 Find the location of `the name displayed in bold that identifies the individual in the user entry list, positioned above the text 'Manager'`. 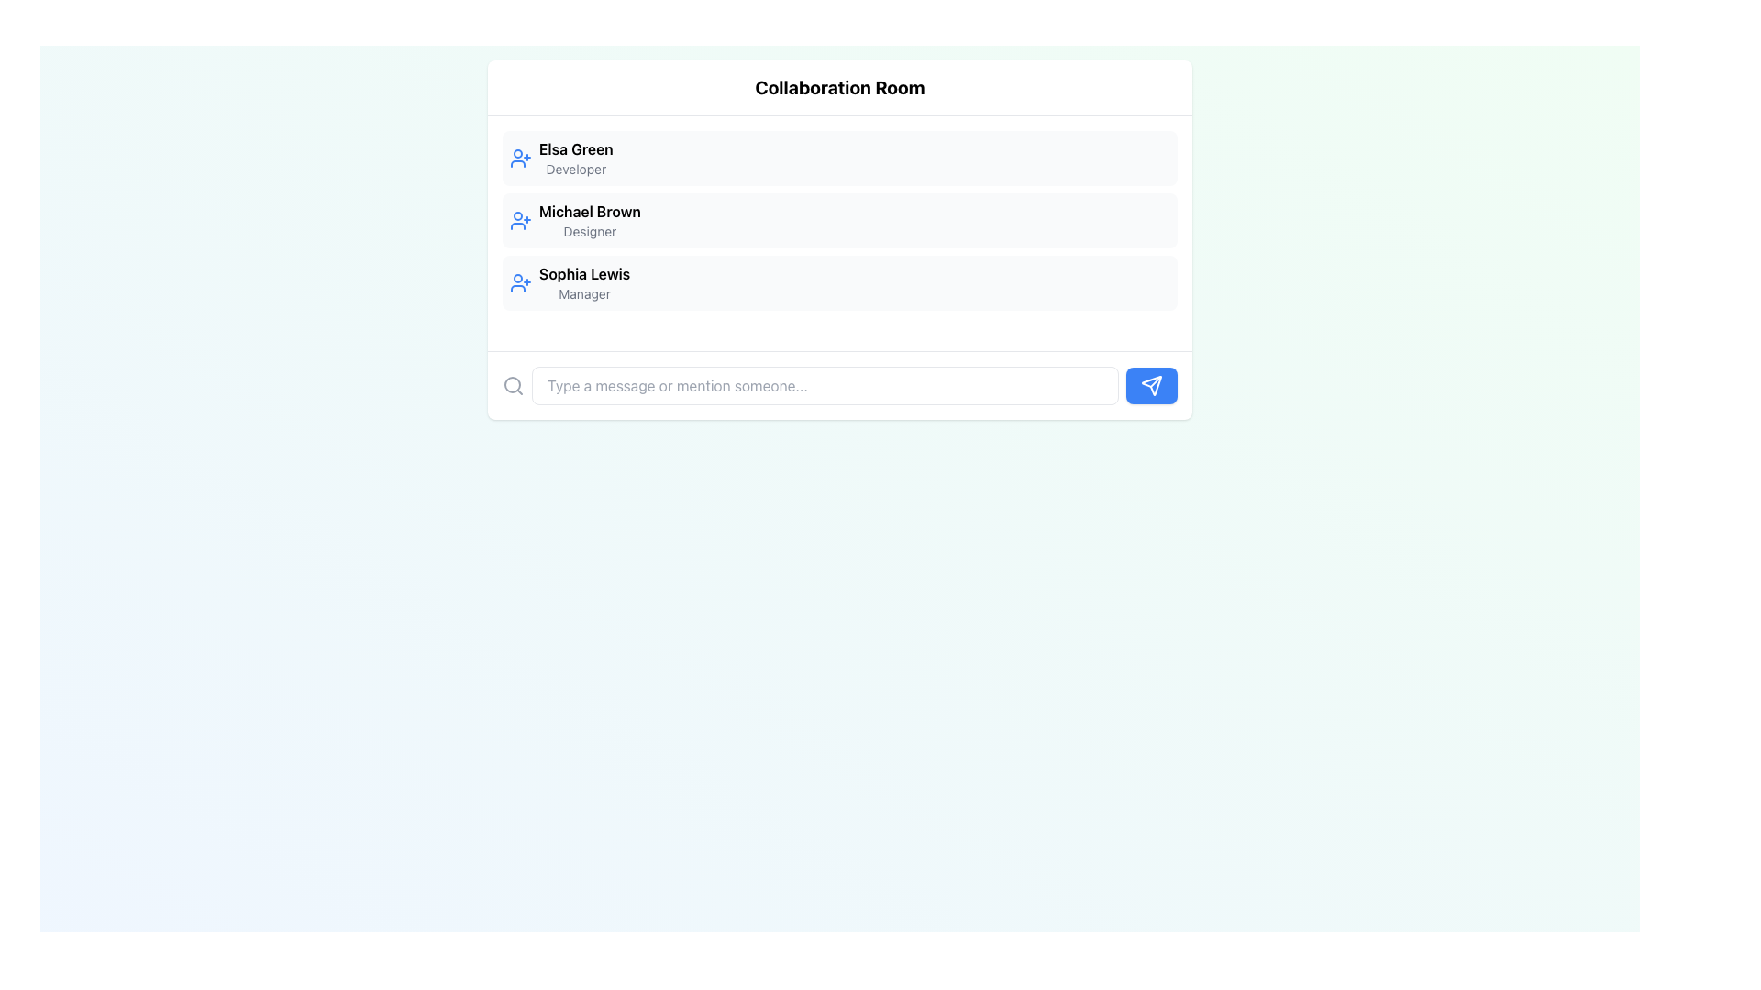

the name displayed in bold that identifies the individual in the user entry list, positioned above the text 'Manager' is located at coordinates (583, 274).